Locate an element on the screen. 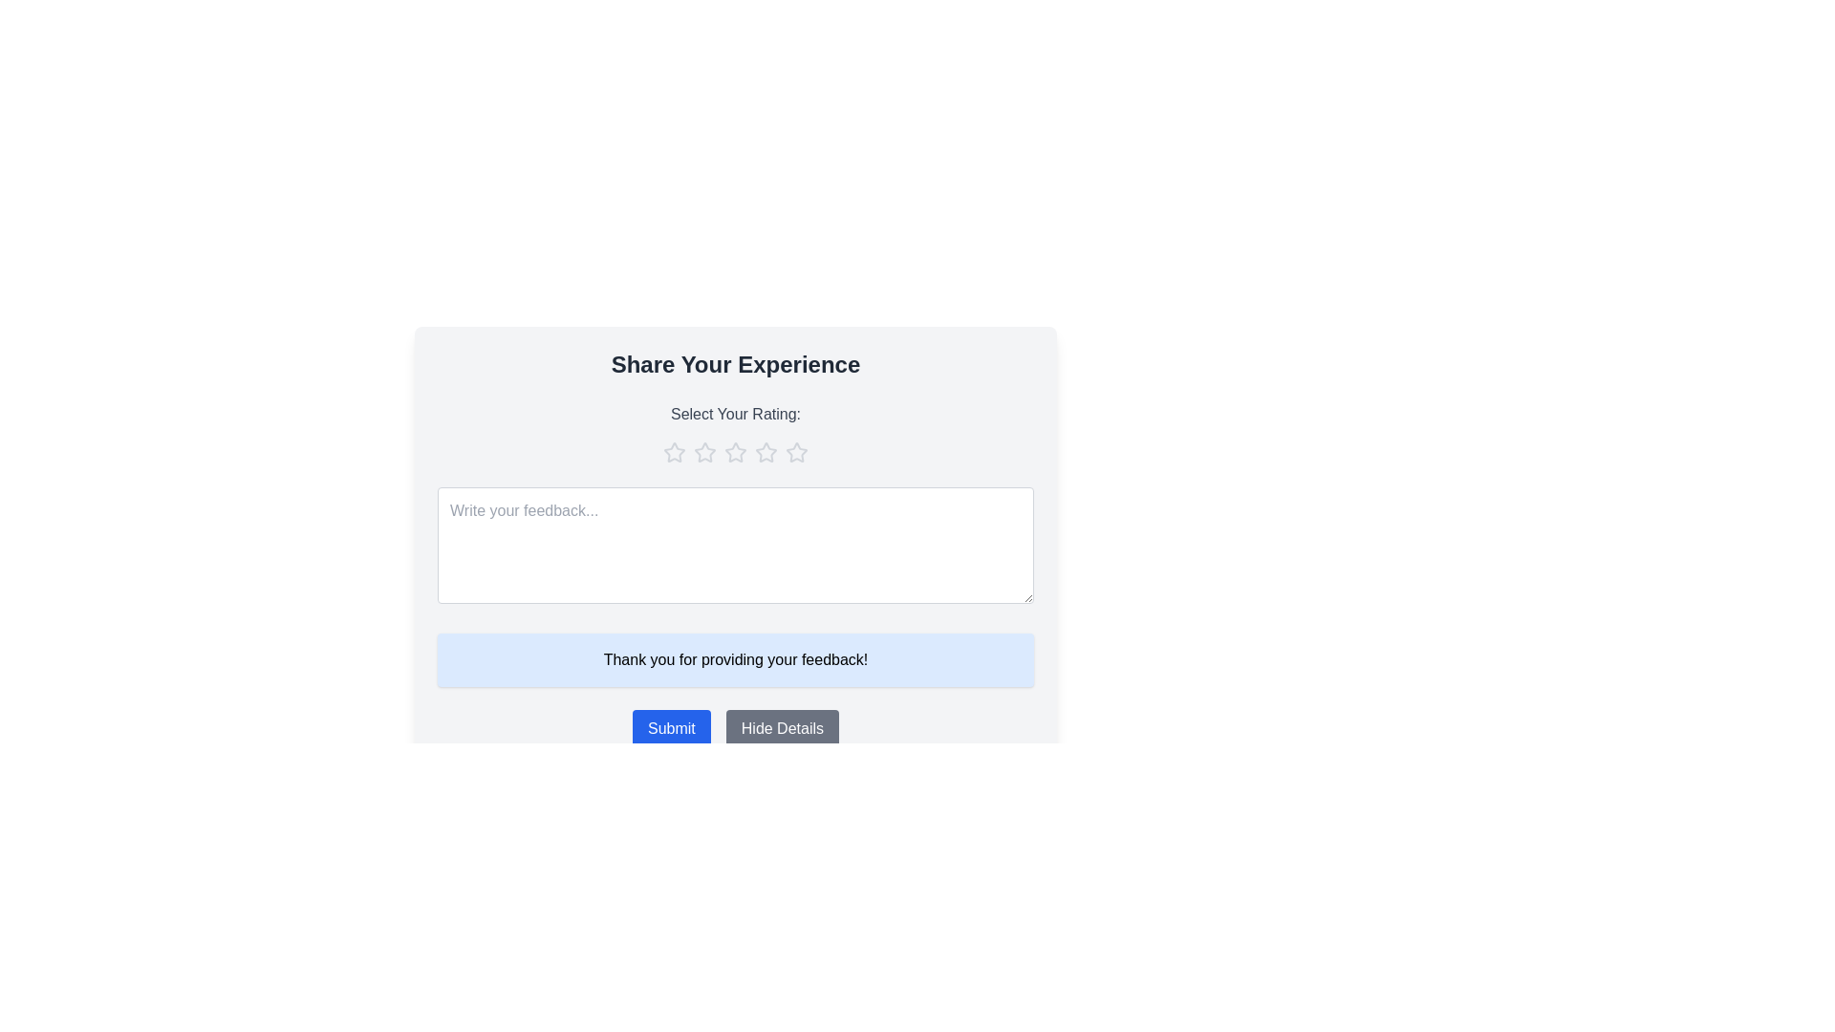  the first star icon in the rating interface is located at coordinates (704, 452).